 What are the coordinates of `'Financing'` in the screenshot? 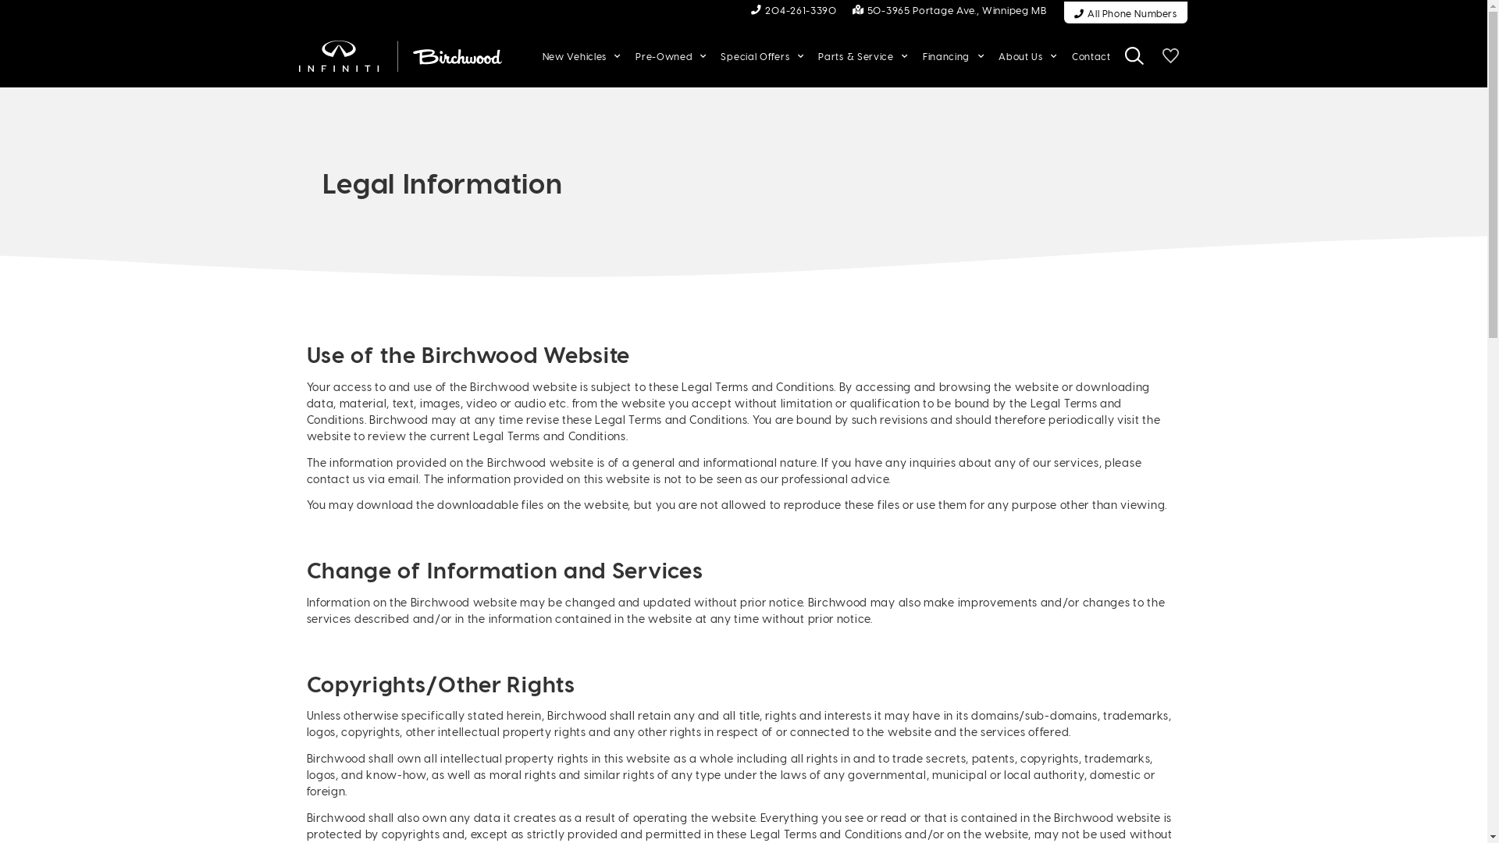 It's located at (917, 55).